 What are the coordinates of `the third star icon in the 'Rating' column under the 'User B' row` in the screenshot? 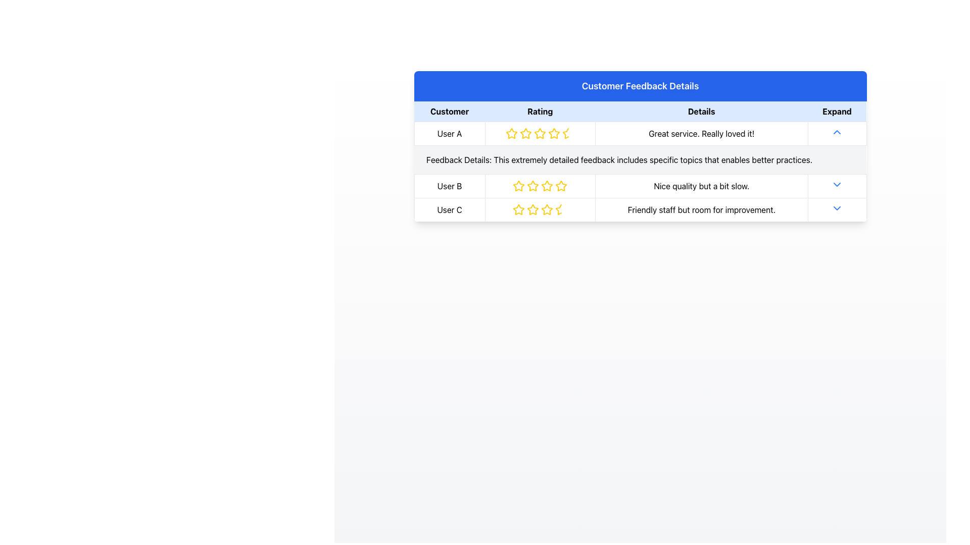 It's located at (532, 186).